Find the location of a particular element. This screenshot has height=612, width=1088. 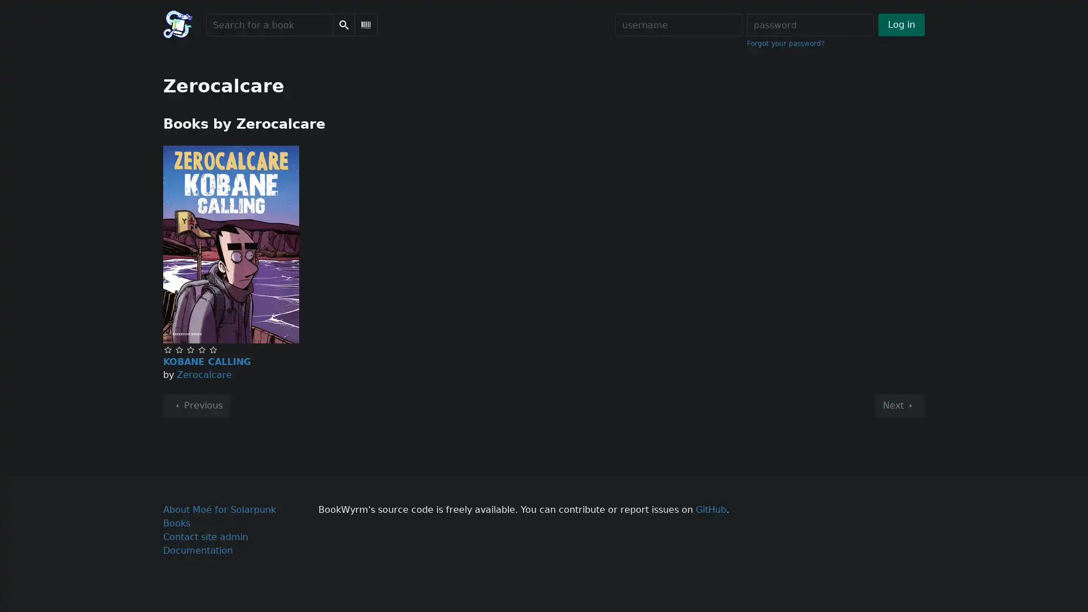

Log in is located at coordinates (900, 24).